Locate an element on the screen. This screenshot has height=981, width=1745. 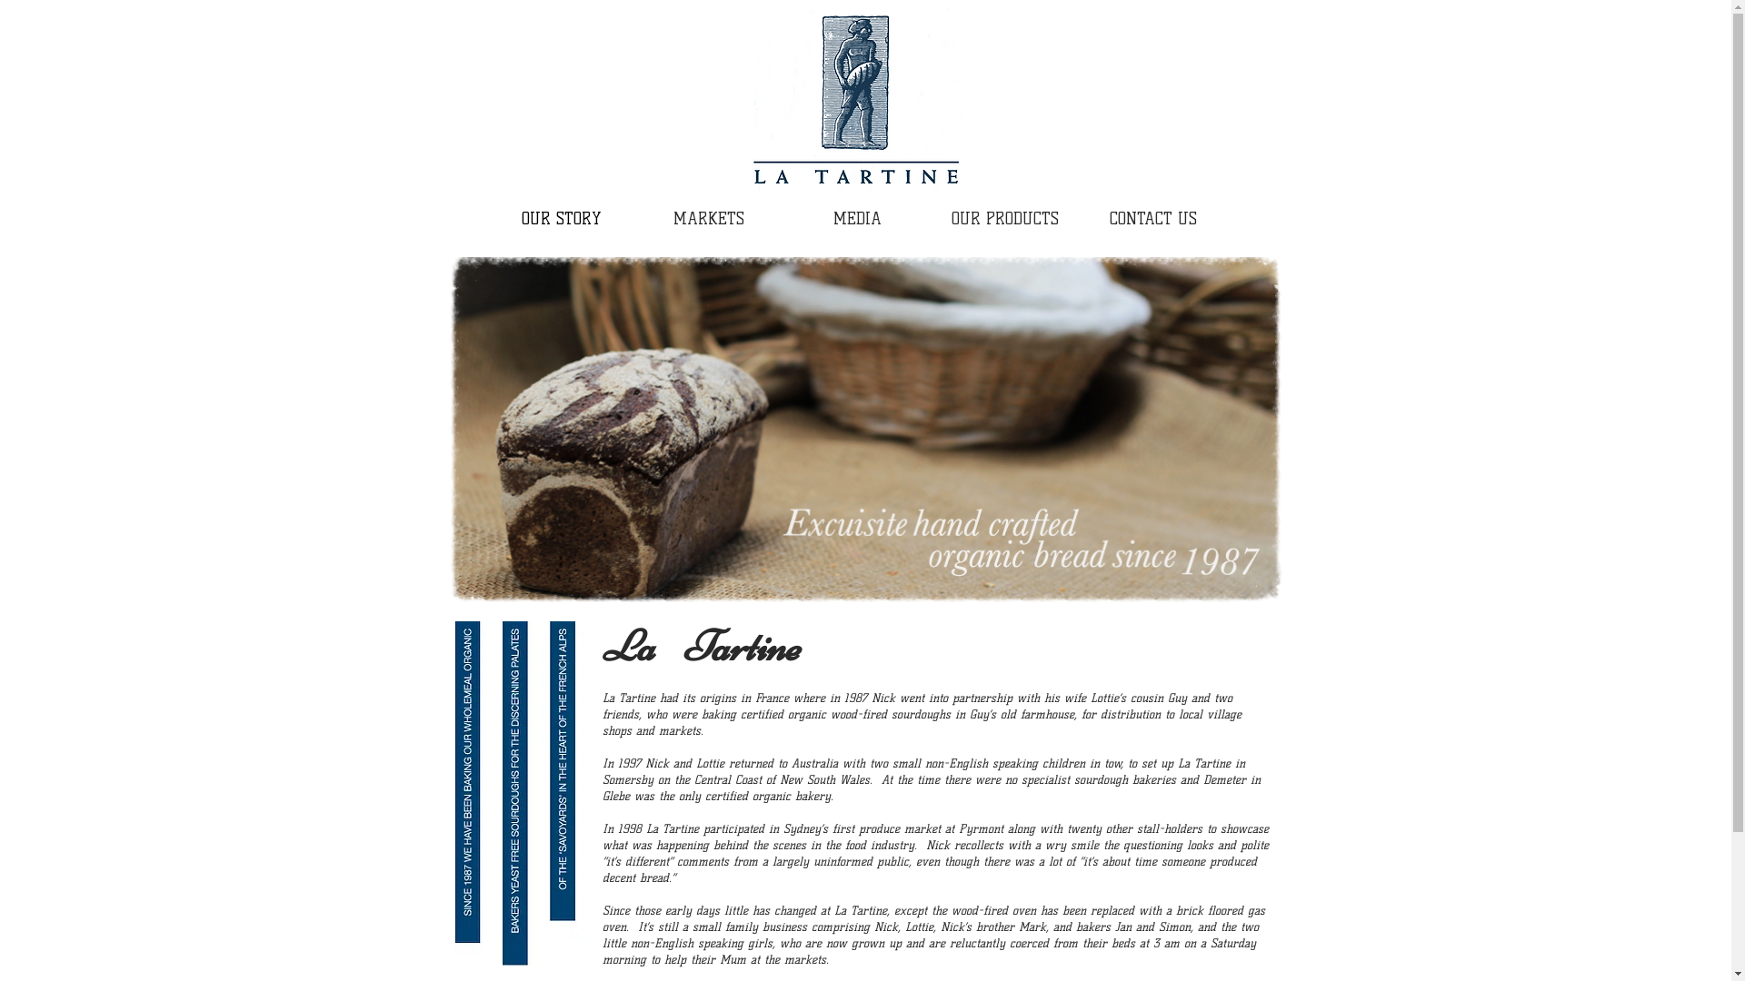
'OUR PRODUCTS' is located at coordinates (1003, 218).